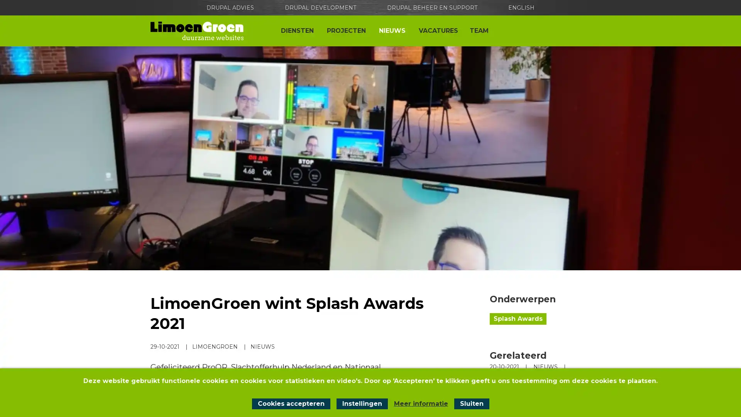 Image resolution: width=741 pixels, height=417 pixels. Describe the element at coordinates (471, 403) in the screenshot. I see `Sluit cookiemelding` at that location.